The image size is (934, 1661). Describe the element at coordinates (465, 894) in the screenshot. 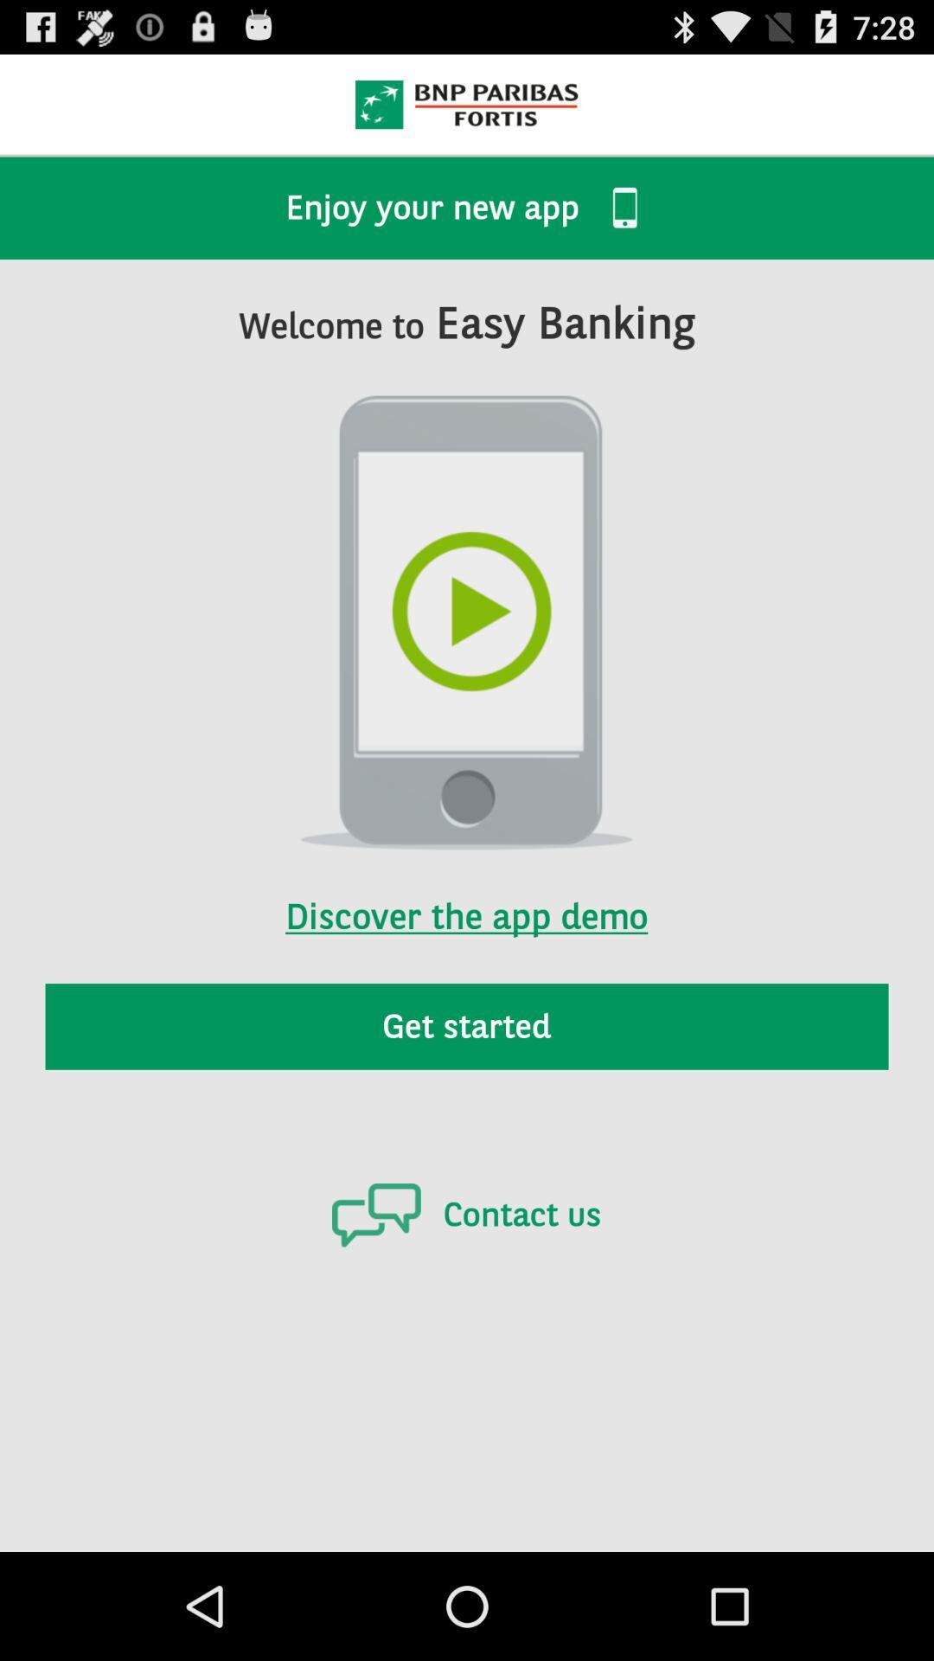

I see `the icon above get started` at that location.